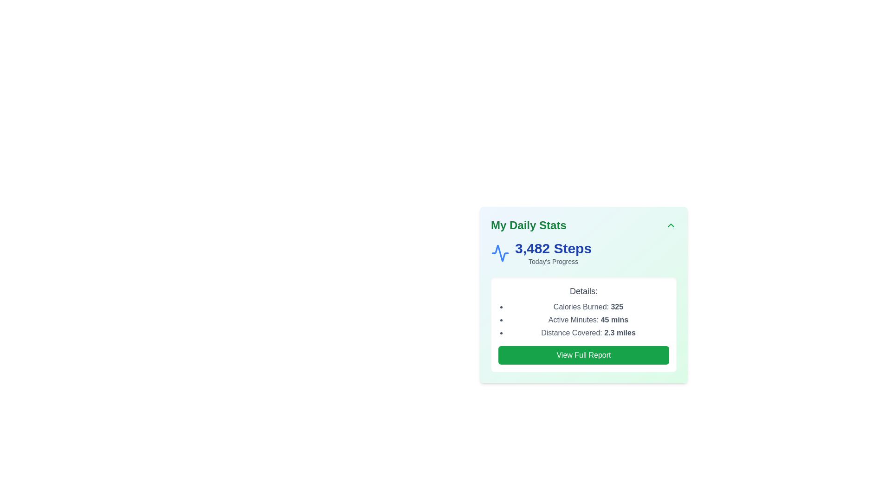 Image resolution: width=891 pixels, height=501 pixels. What do you see at coordinates (500, 253) in the screenshot?
I see `the blue waveform icon located in the top-left corner of the 'My Daily Stats' card, positioned to the left of the '3,482 Steps' text and above the 'Today's Progress' subtitle to understand its symbolic representation` at bounding box center [500, 253].